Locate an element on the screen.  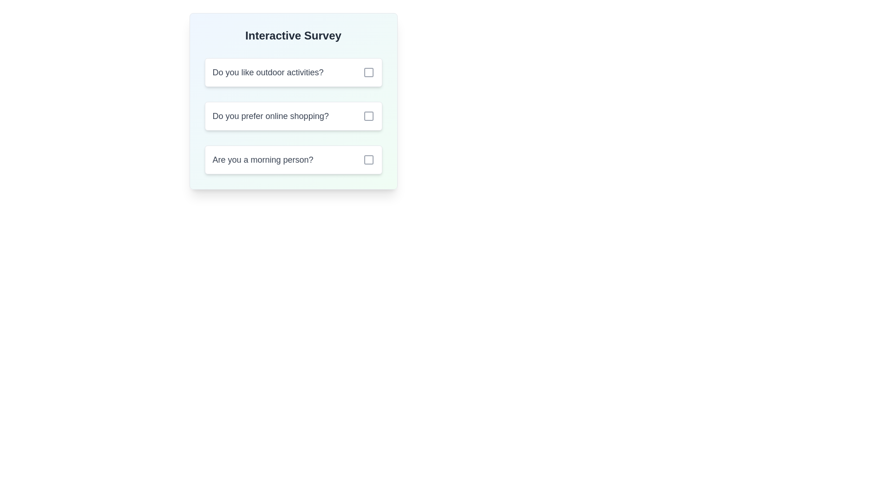
the unselected checkbox located to the right of the text 'Do you prefer online shopping?' for keyboard navigation is located at coordinates (368, 116).